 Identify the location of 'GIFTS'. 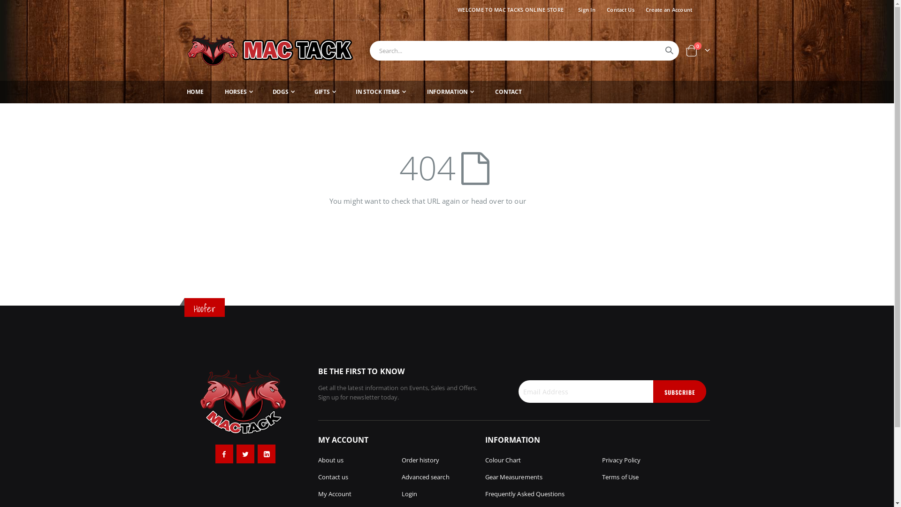
(325, 92).